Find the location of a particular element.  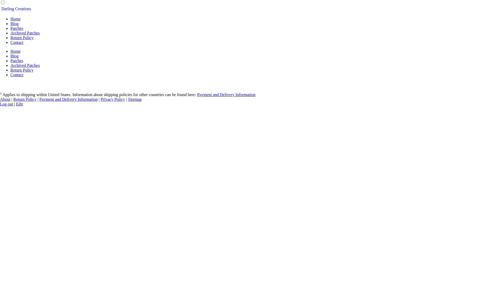

'Archived Patches' is located at coordinates (25, 65).